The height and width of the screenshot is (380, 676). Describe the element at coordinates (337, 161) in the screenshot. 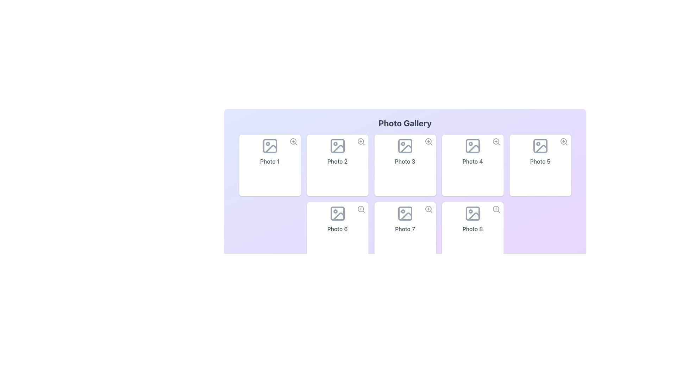

I see `text label that titles the second photo card in the top row of the grid layout, located just below the associated image icon` at that location.